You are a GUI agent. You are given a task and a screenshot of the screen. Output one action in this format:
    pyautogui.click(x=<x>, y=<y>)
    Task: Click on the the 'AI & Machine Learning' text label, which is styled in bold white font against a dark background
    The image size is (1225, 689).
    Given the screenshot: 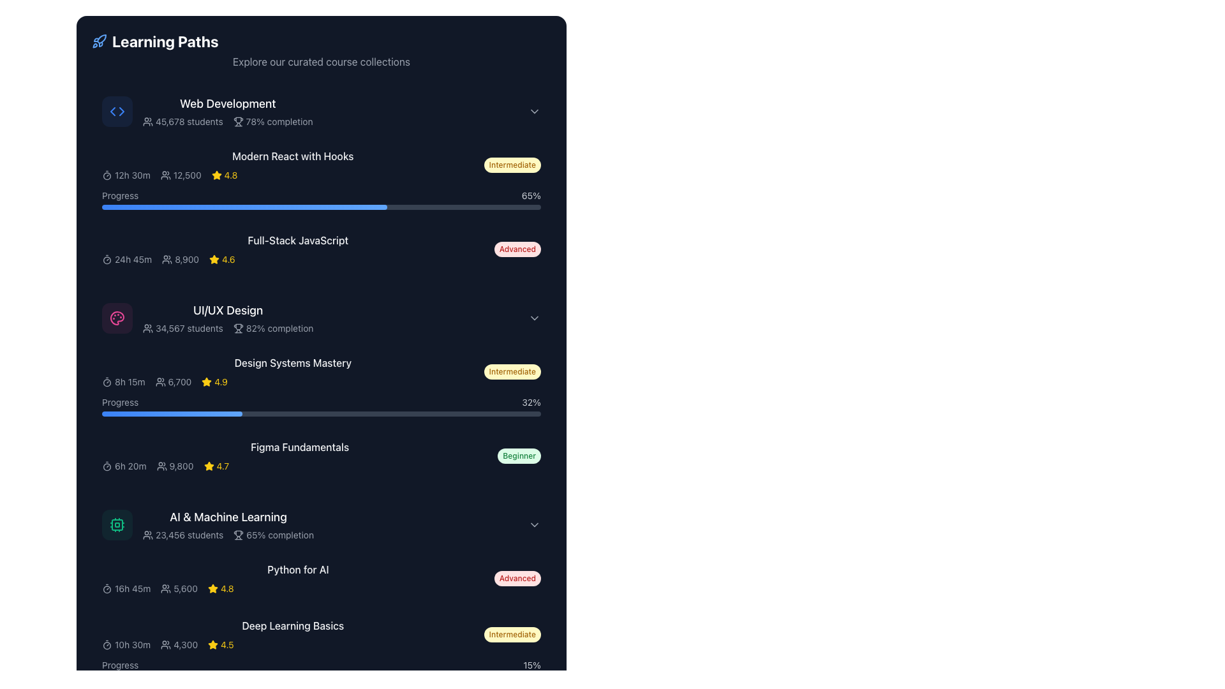 What is the action you would take?
    pyautogui.click(x=228, y=517)
    